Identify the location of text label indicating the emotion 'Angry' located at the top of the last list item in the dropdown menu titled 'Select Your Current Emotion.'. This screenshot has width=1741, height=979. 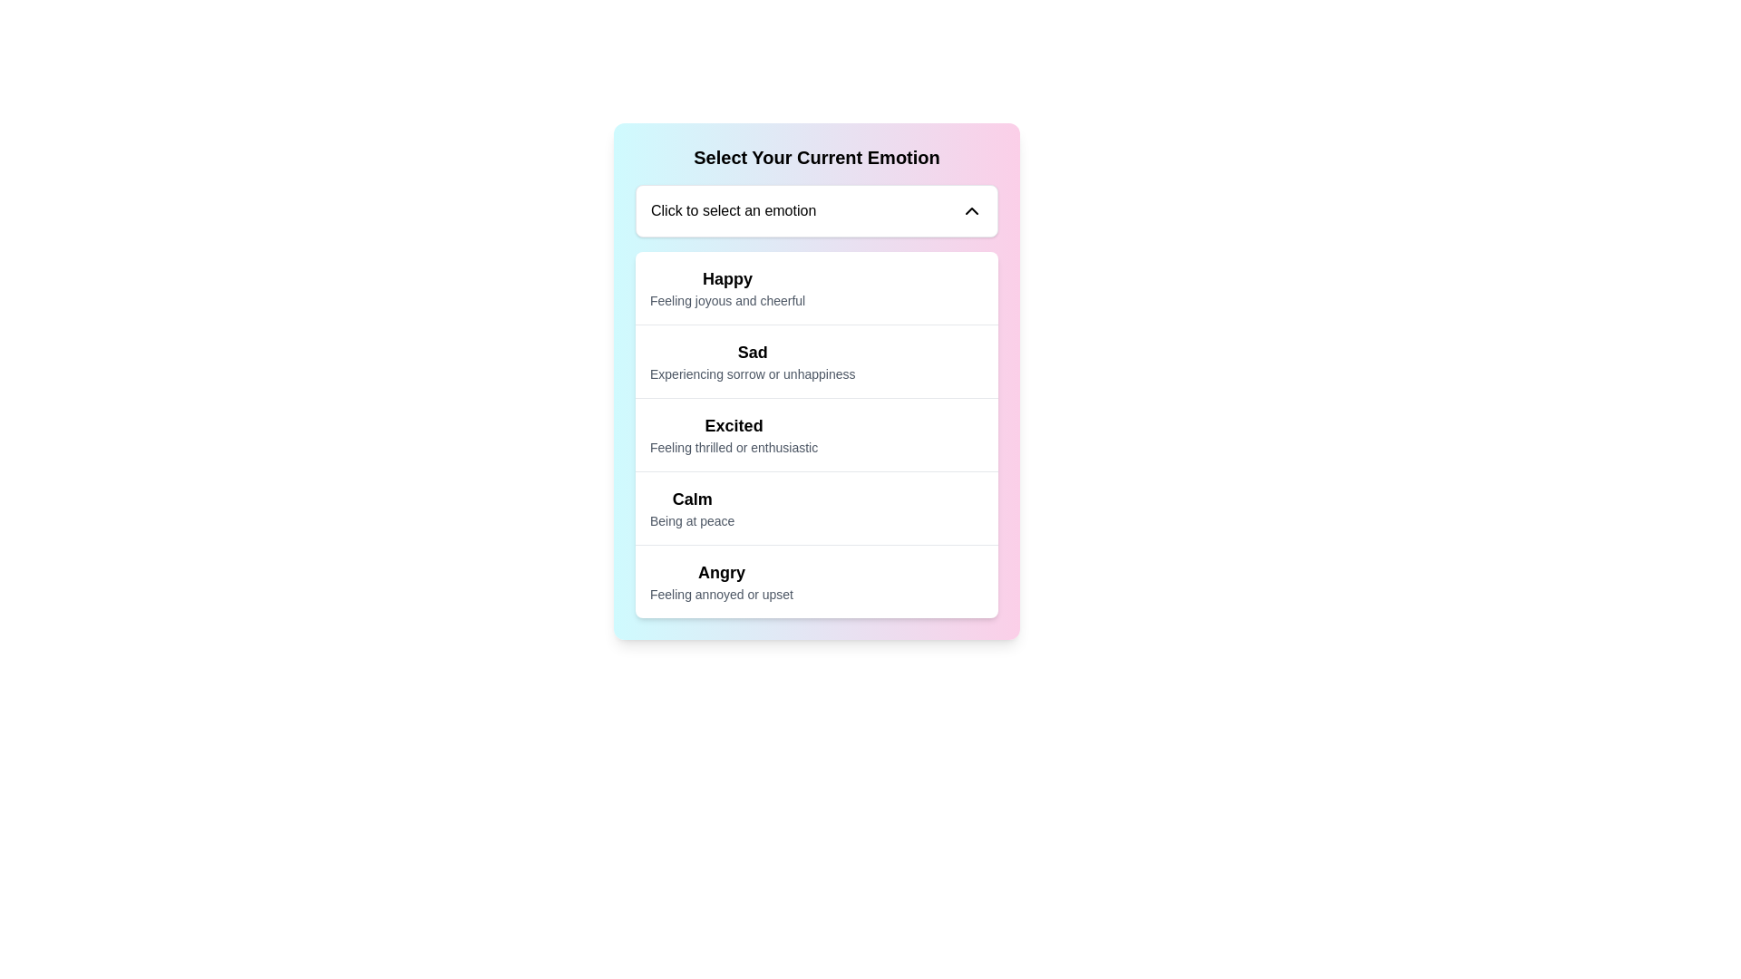
(721, 573).